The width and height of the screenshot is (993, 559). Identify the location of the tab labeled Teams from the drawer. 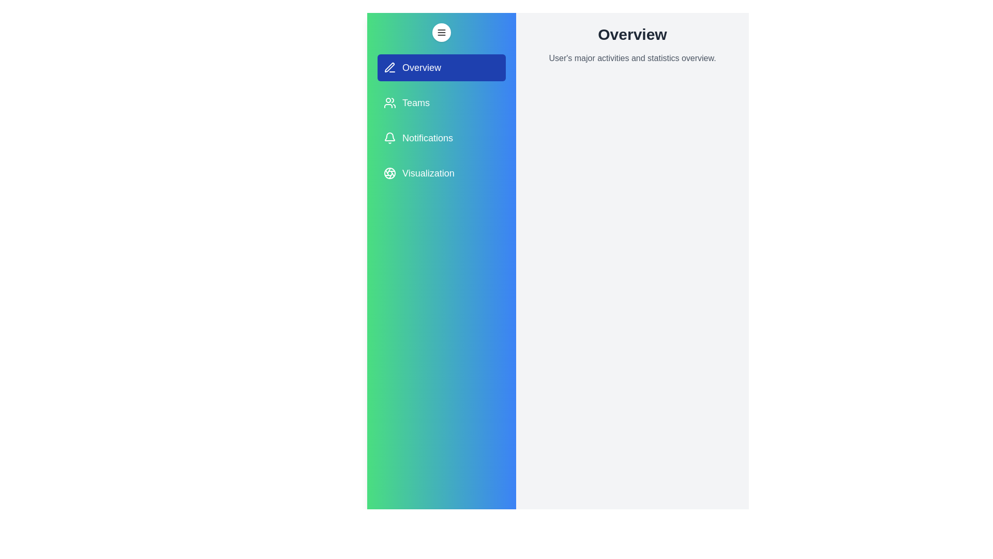
(442, 103).